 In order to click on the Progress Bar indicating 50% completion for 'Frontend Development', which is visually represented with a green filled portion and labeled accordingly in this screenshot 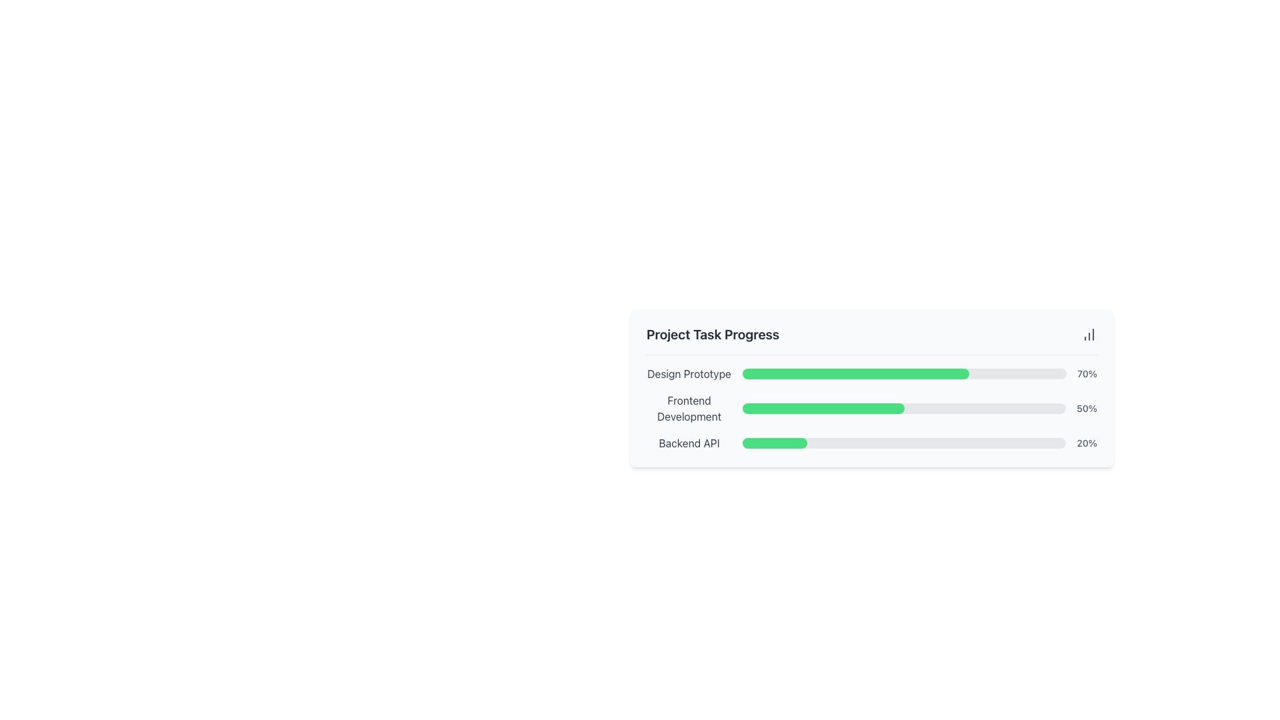, I will do `click(872, 408)`.